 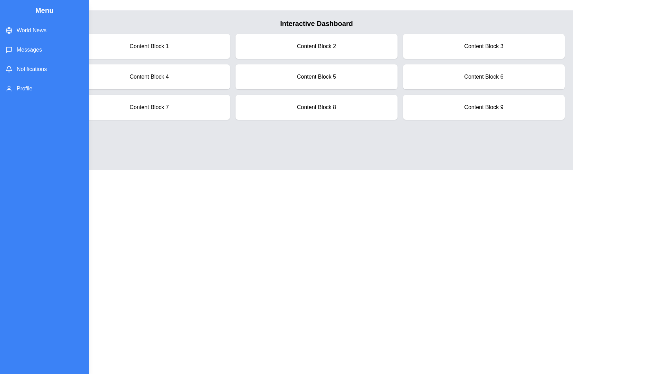 I want to click on the menu item Profile from the list, so click(x=44, y=88).